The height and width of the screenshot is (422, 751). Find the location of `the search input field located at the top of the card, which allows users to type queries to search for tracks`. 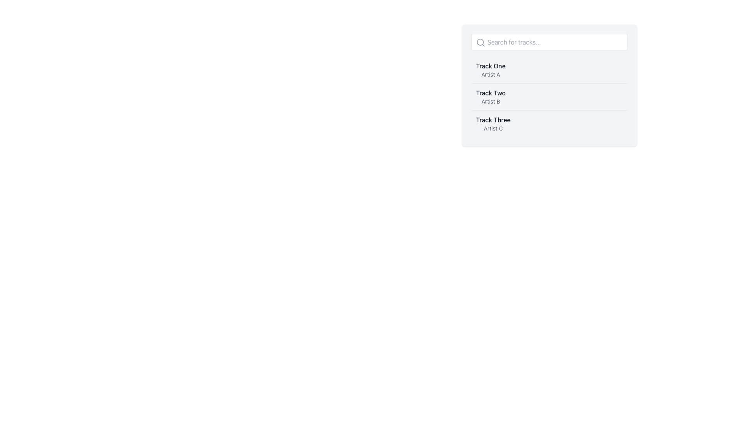

the search input field located at the top of the card, which allows users to type queries to search for tracks is located at coordinates (549, 42).